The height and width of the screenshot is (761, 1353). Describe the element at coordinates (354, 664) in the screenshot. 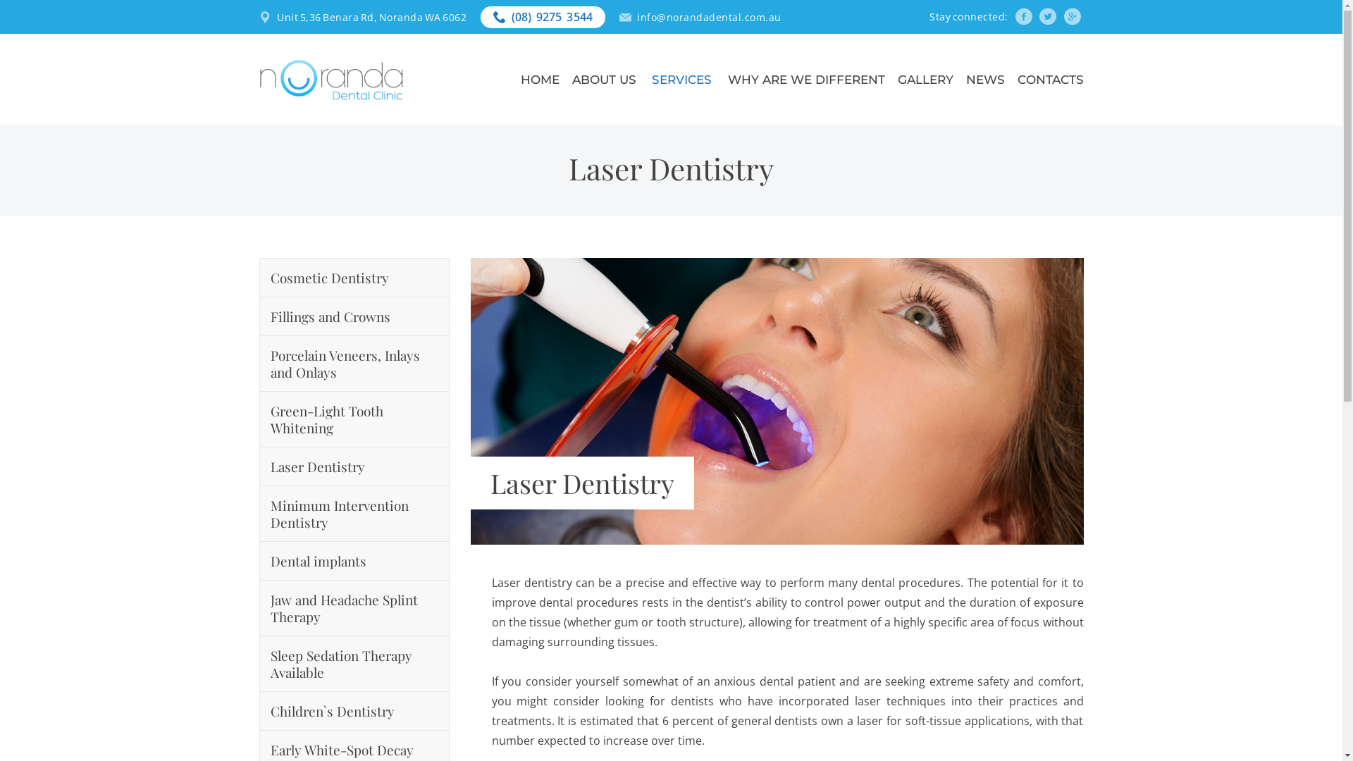

I see `'Sleep Sedation Therapy Available'` at that location.